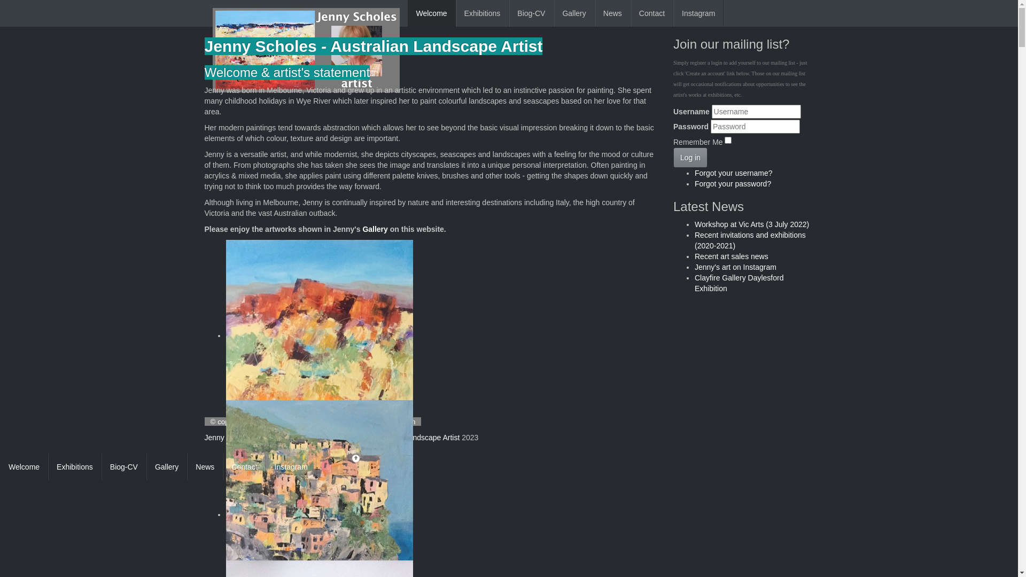 Image resolution: width=1026 pixels, height=577 pixels. Describe the element at coordinates (166, 466) in the screenshot. I see `'Gallery'` at that location.